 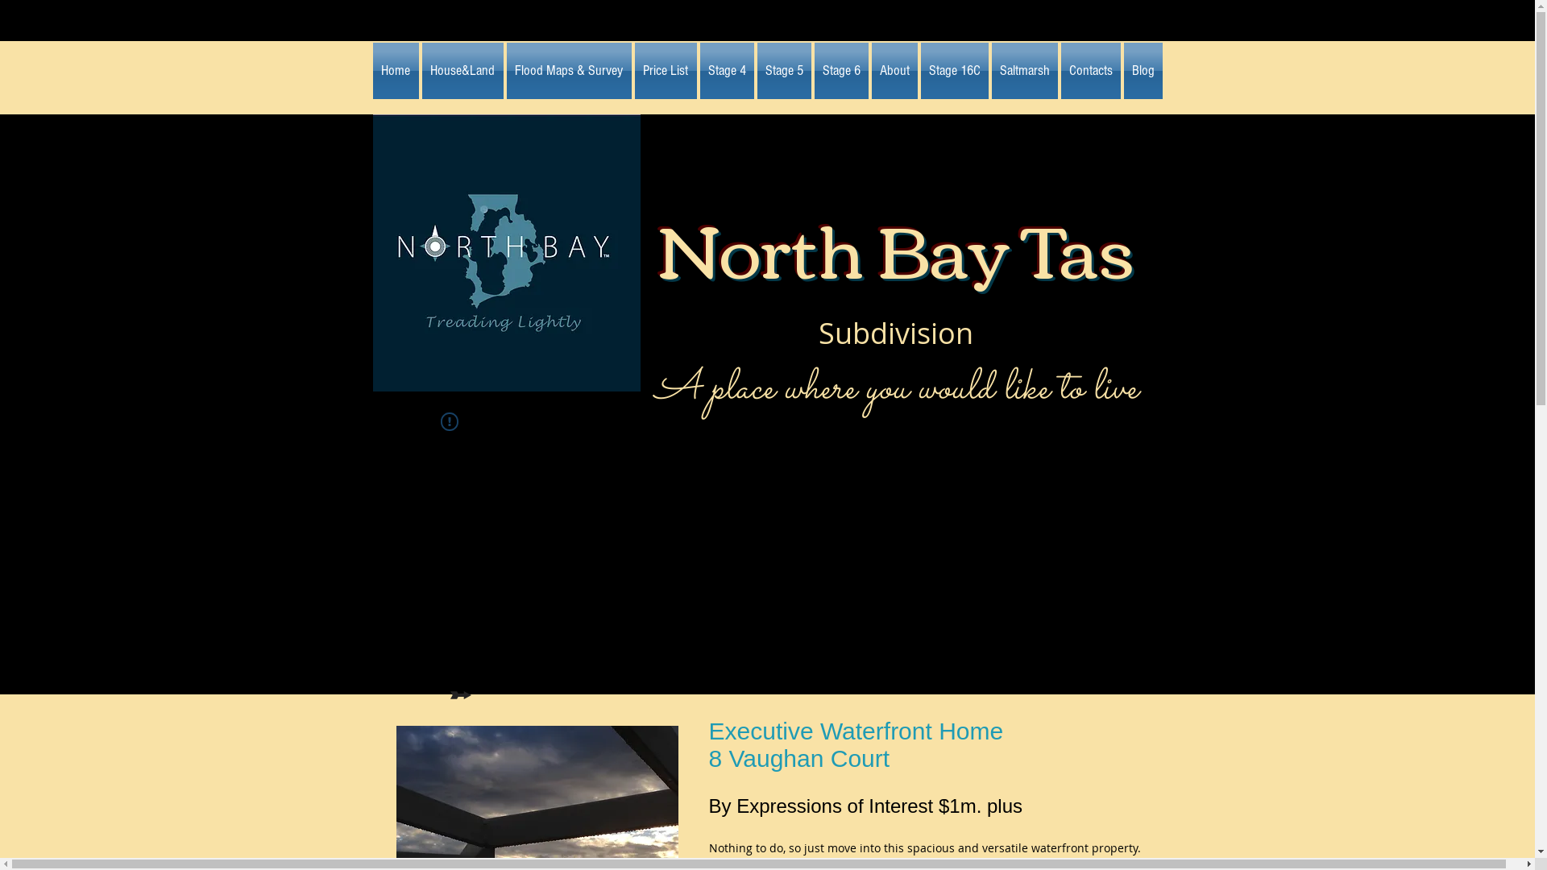 I want to click on 'Price List', so click(x=666, y=70).